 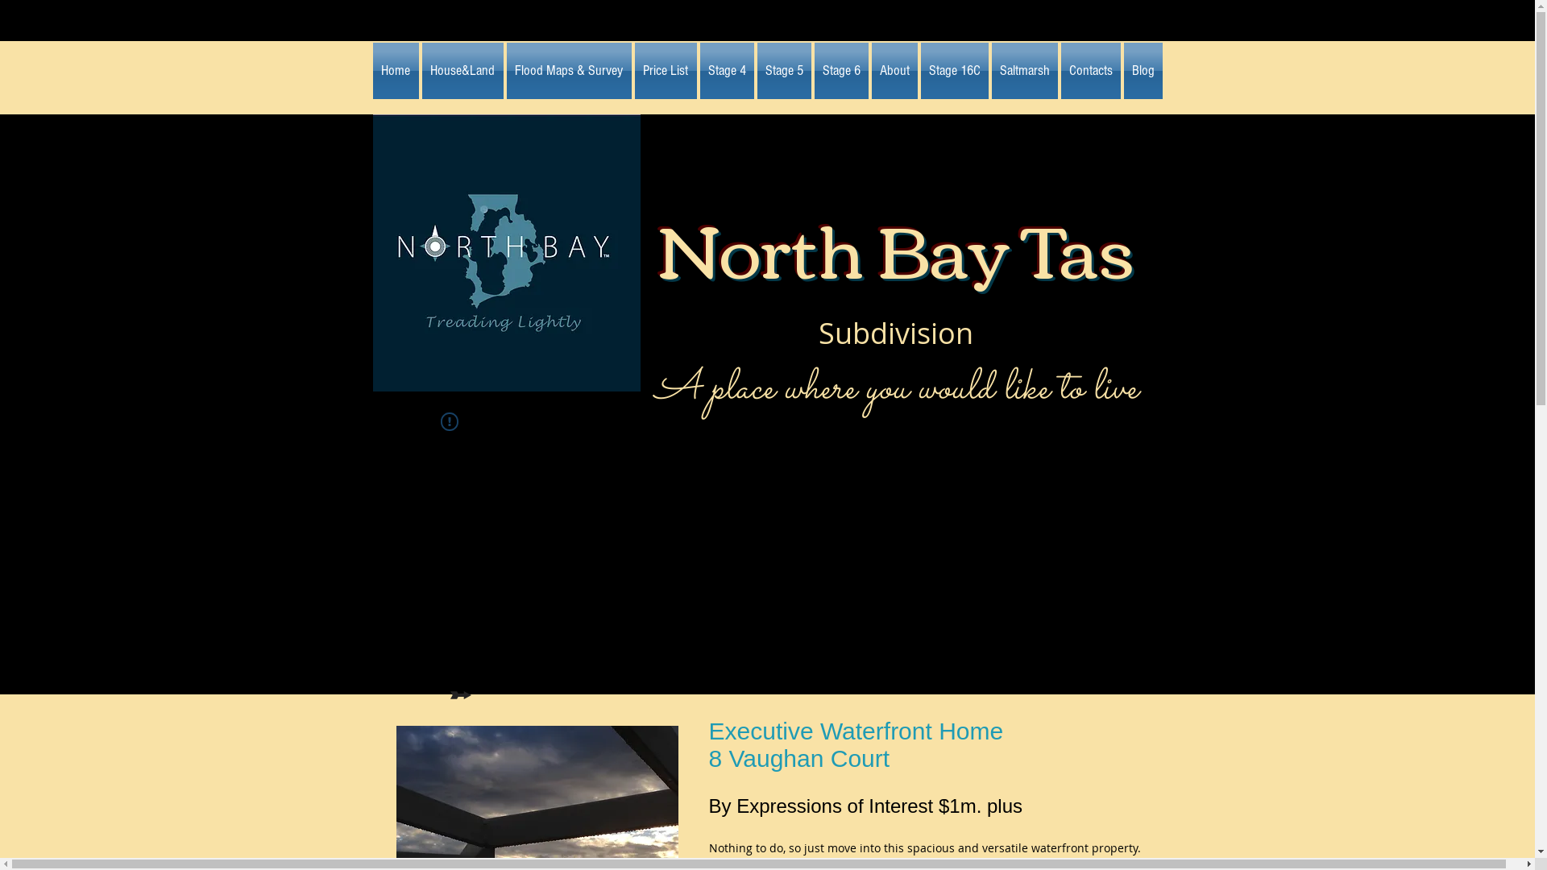 I want to click on 'Price List', so click(x=666, y=70).